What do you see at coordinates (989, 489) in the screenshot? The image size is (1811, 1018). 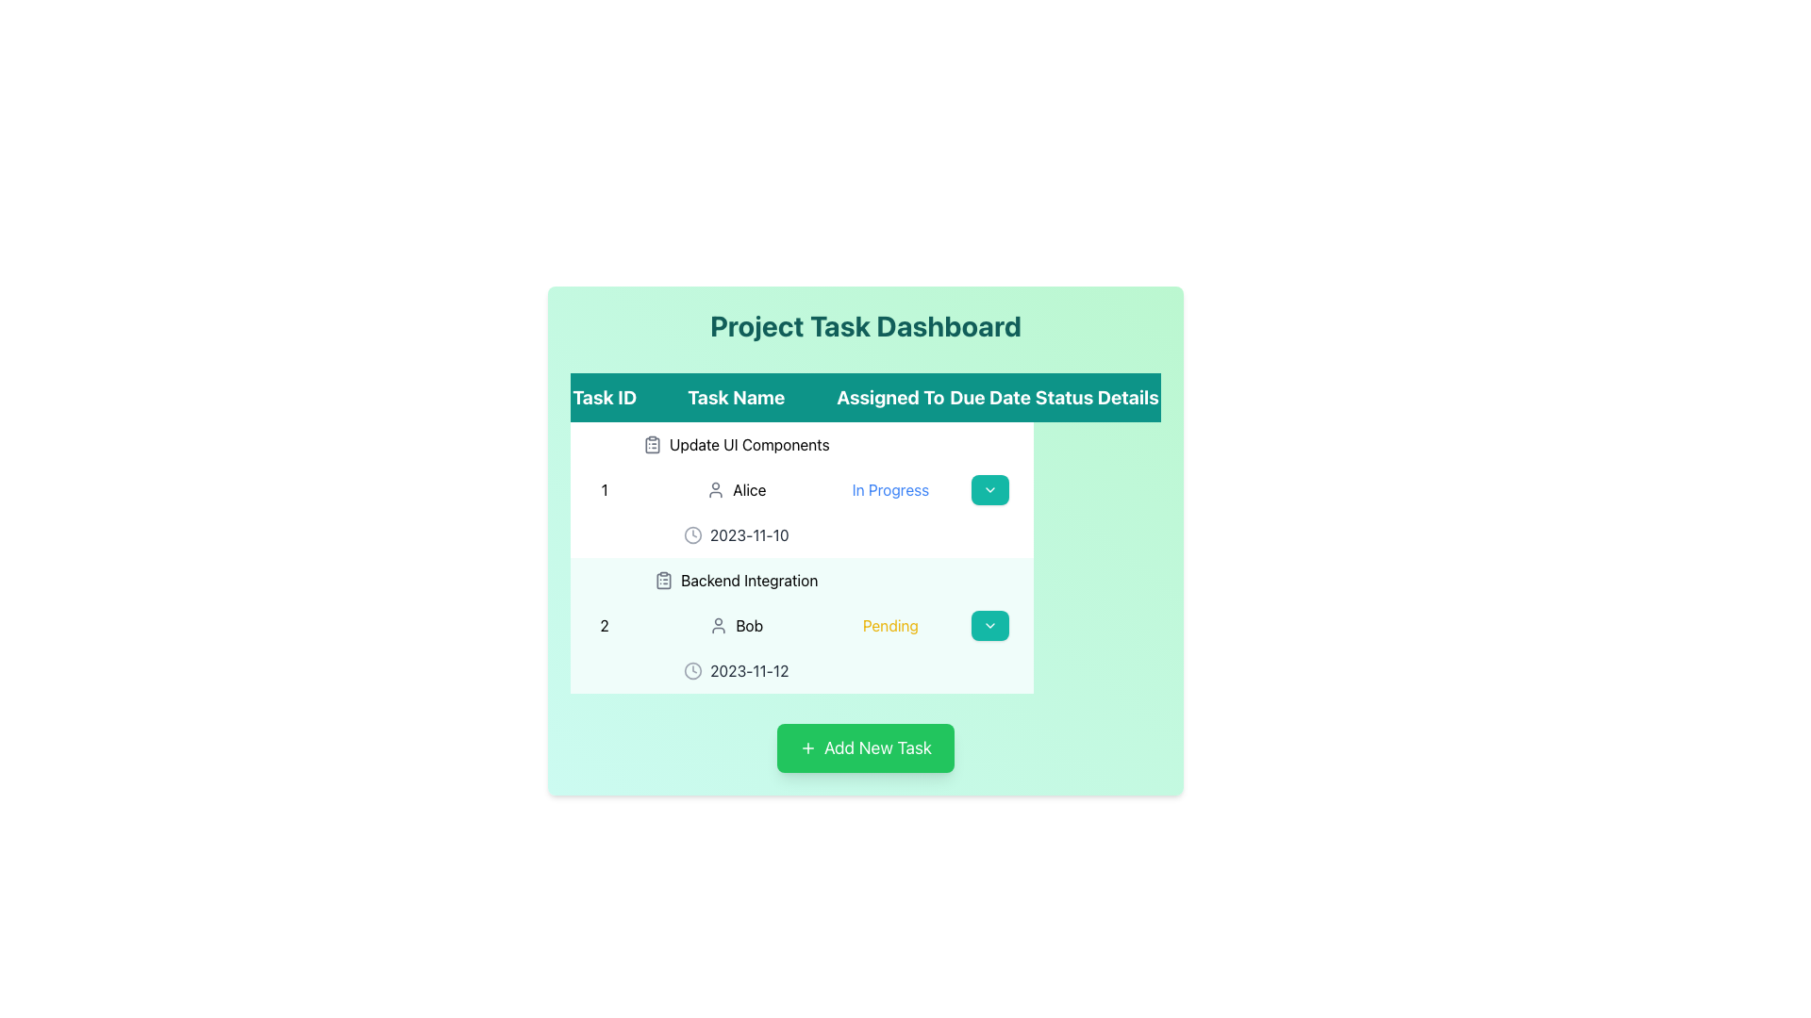 I see `the dropdown menu trigger button located in the 'Details' column of the first row of the task table in the 'Project Task Dashboard' interface, which aligns with the task titled 'Update UI Components'` at bounding box center [989, 489].